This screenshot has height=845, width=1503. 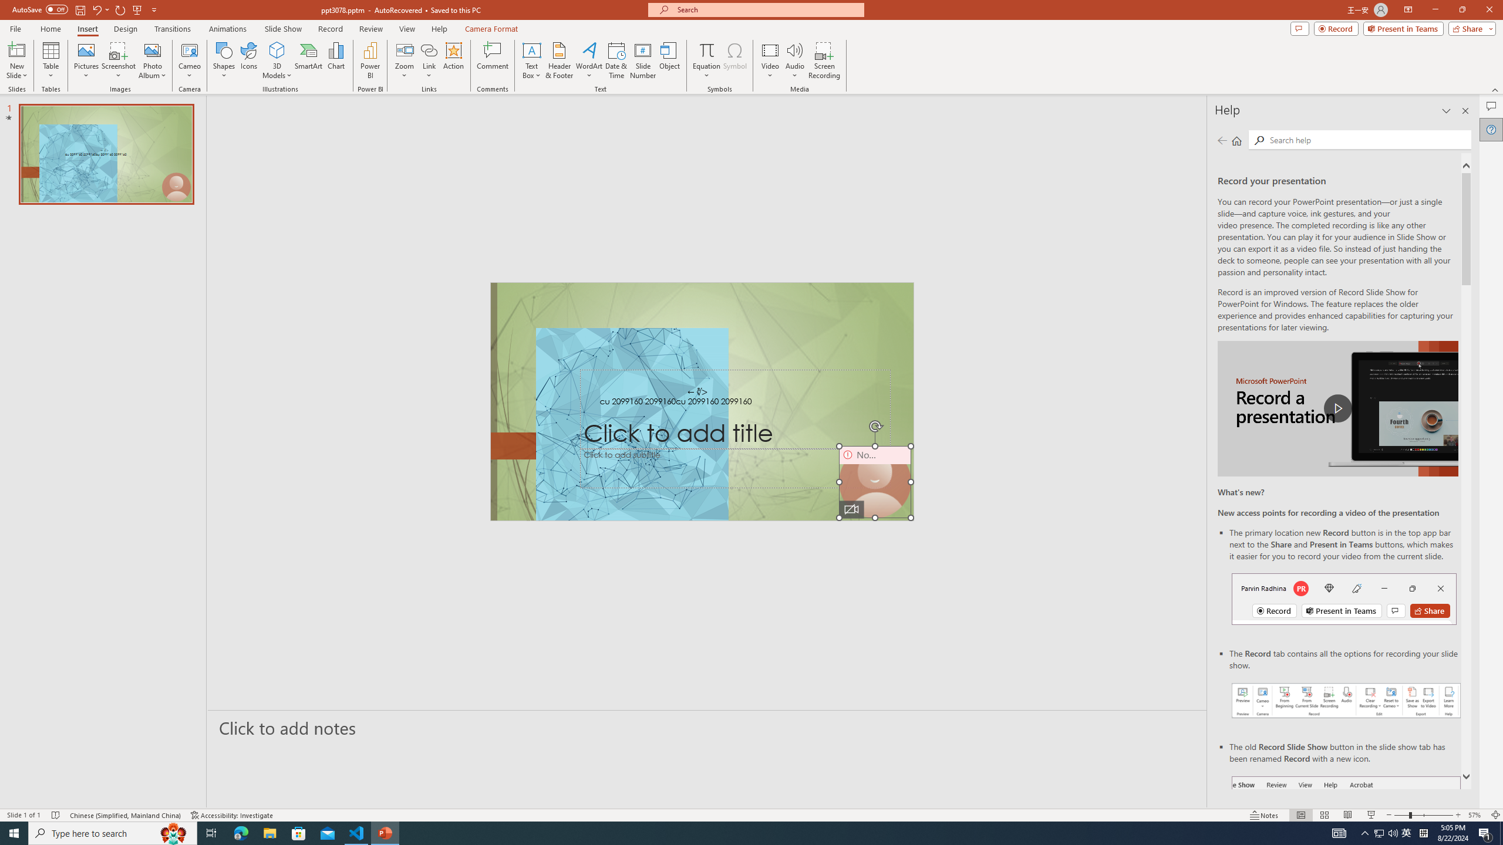 I want to click on 'Link', so click(x=428, y=60).